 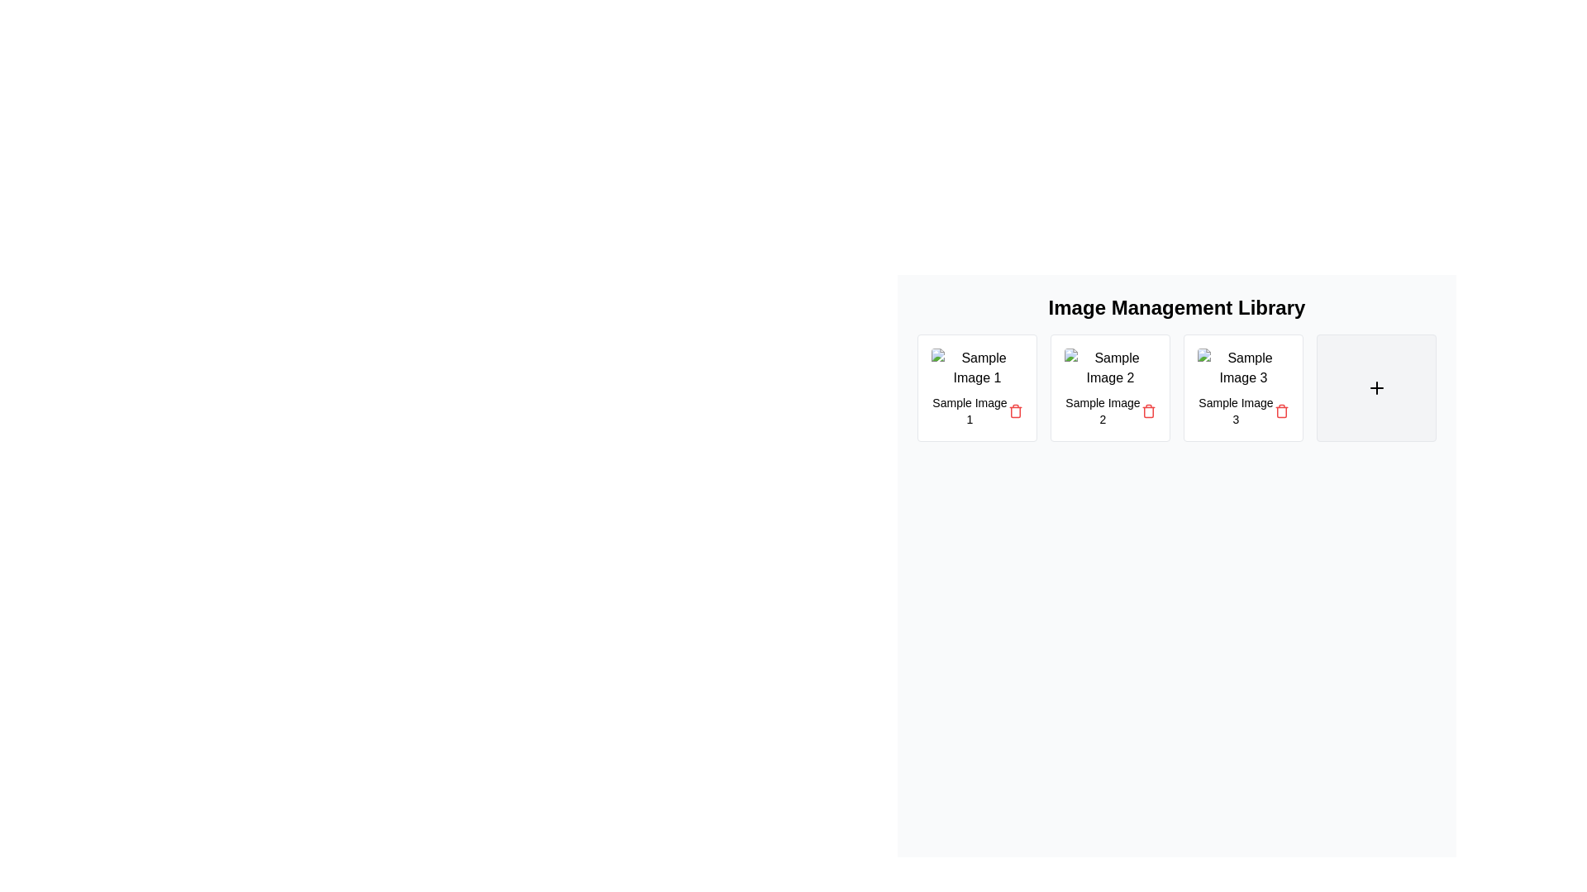 I want to click on the image card located in the second position of the grid layout within the 'Image Management Library', so click(x=1110, y=388).